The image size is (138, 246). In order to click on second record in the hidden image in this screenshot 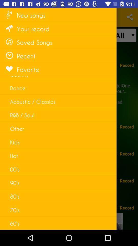, I will do `click(126, 126)`.